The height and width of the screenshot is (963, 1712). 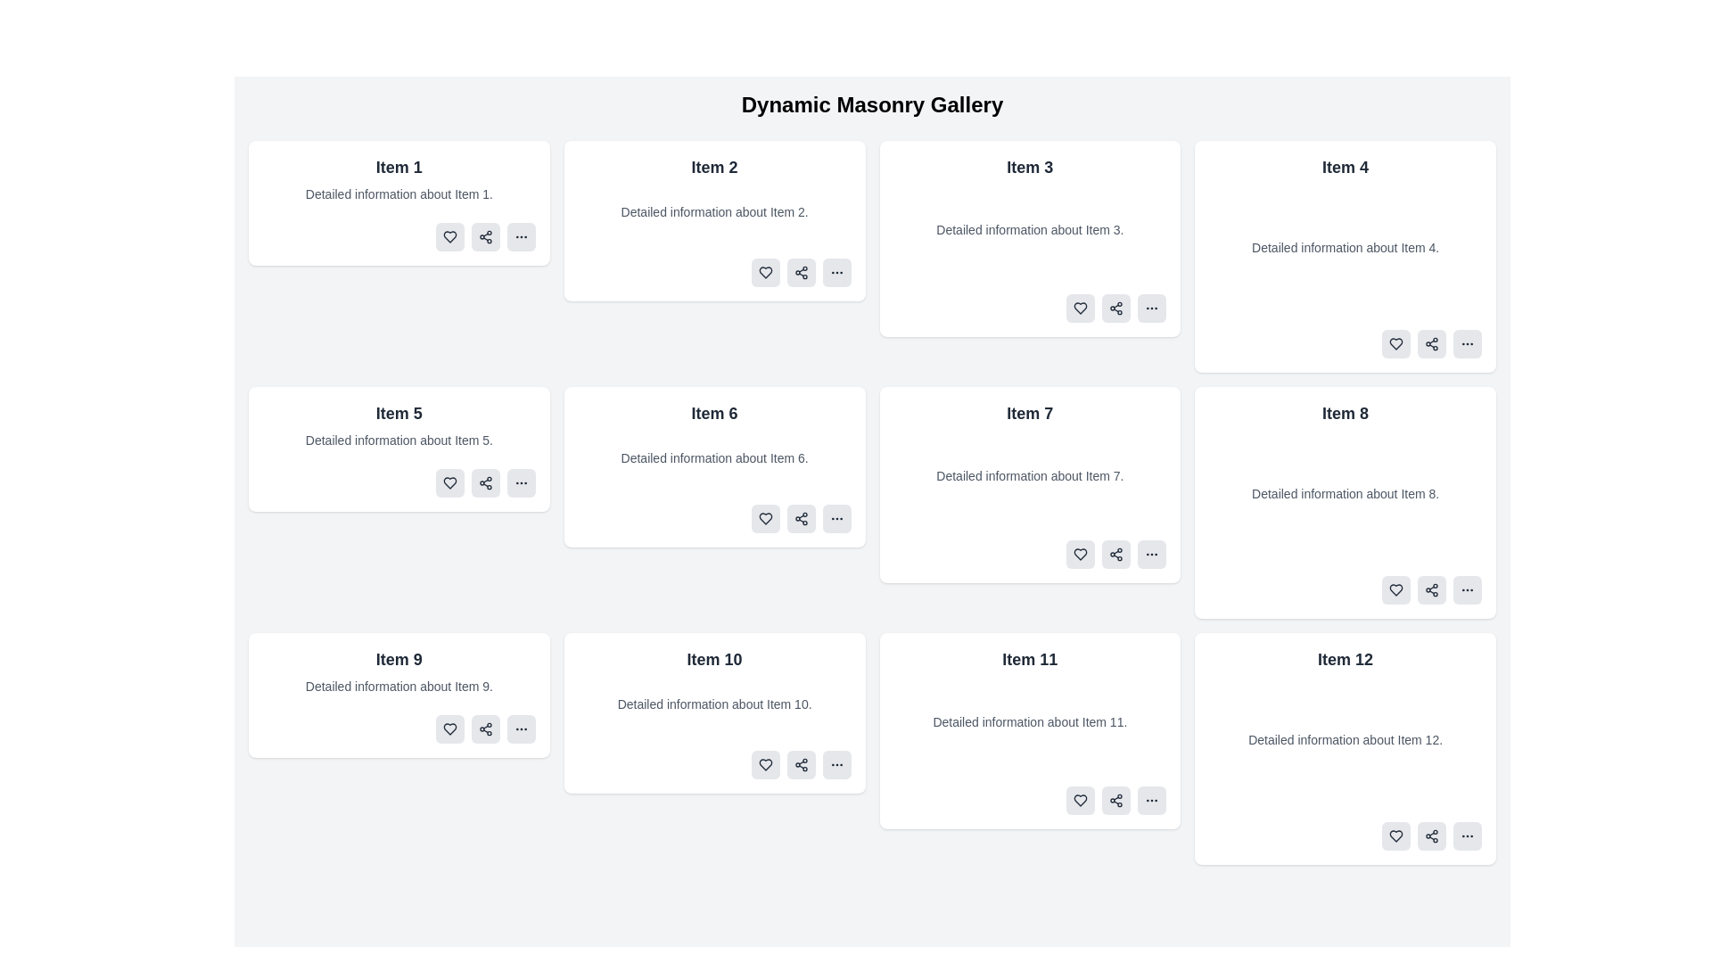 I want to click on the small, square icon button with a light gray background and a 'share' symbol inside, located in the lower right corner of the 'Item 7' card, so click(x=1115, y=553).